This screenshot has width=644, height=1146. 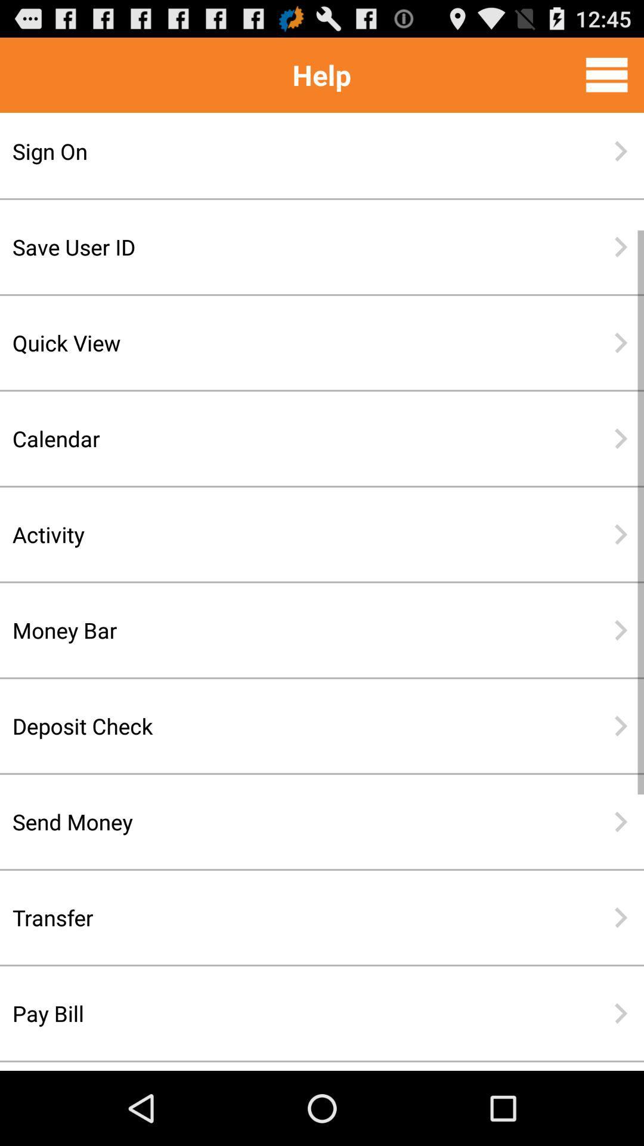 What do you see at coordinates (283, 917) in the screenshot?
I see `transfer item` at bounding box center [283, 917].